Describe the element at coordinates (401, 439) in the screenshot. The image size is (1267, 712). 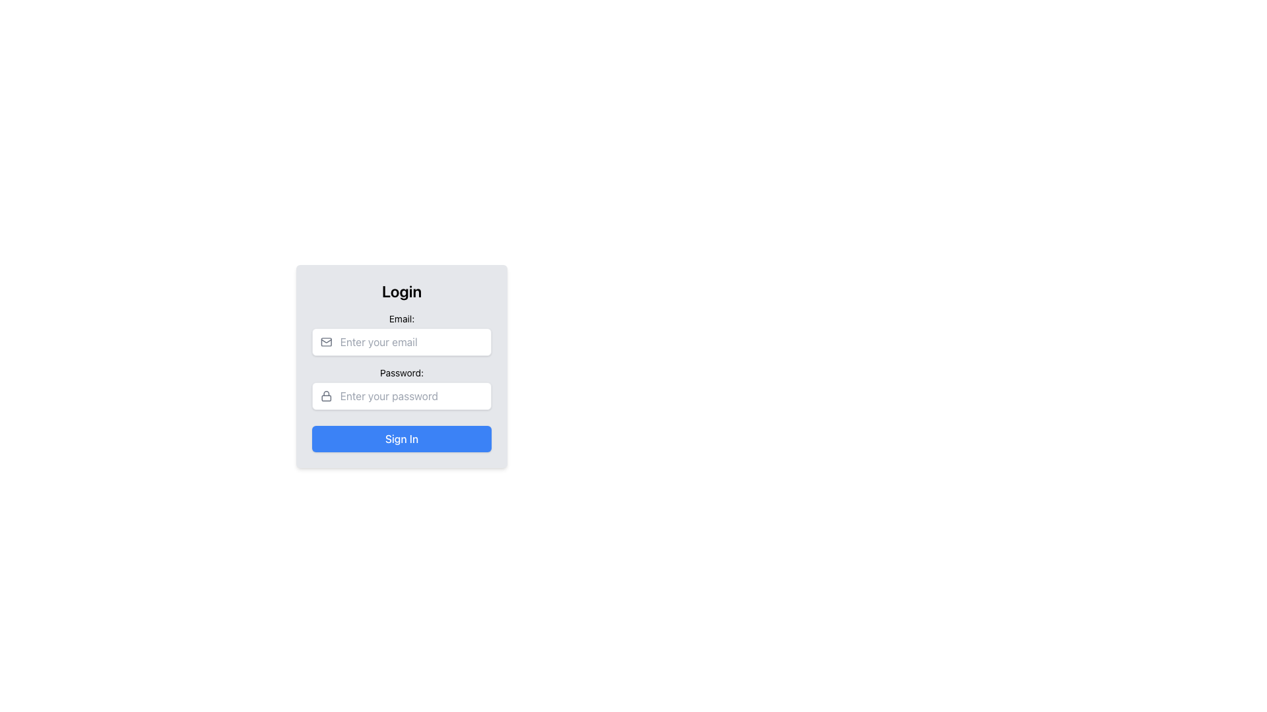
I see `the 'Sign In' button located at the bottom of the login form` at that location.